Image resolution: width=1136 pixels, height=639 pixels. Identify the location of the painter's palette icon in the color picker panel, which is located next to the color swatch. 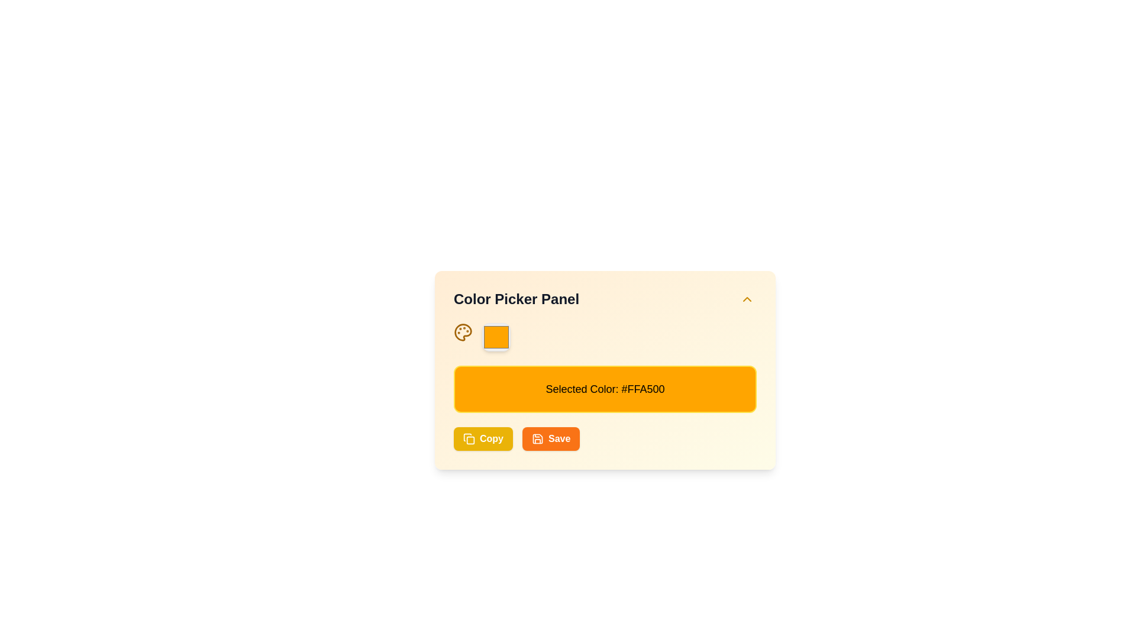
(462, 333).